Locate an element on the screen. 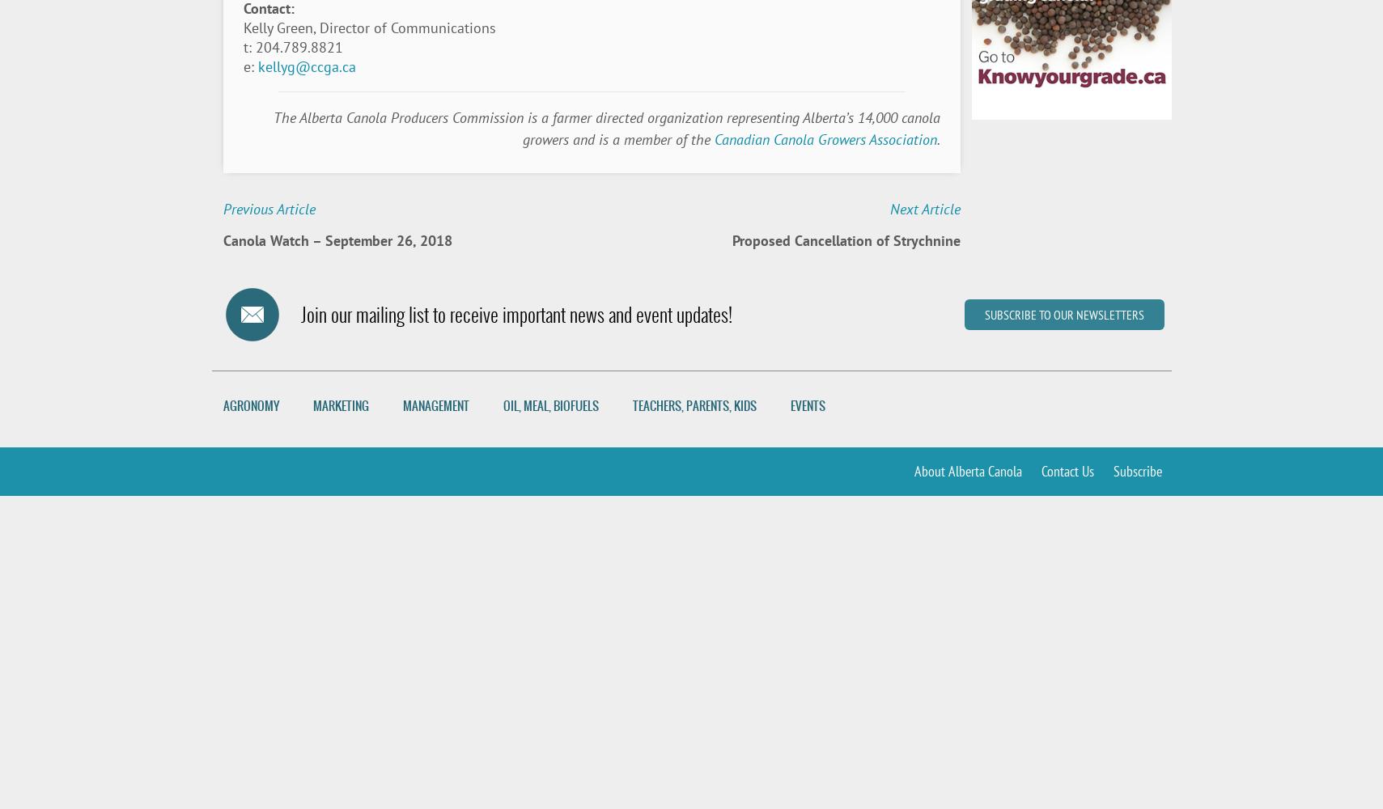 The image size is (1383, 809). 'Next Article' is located at coordinates (889, 209).